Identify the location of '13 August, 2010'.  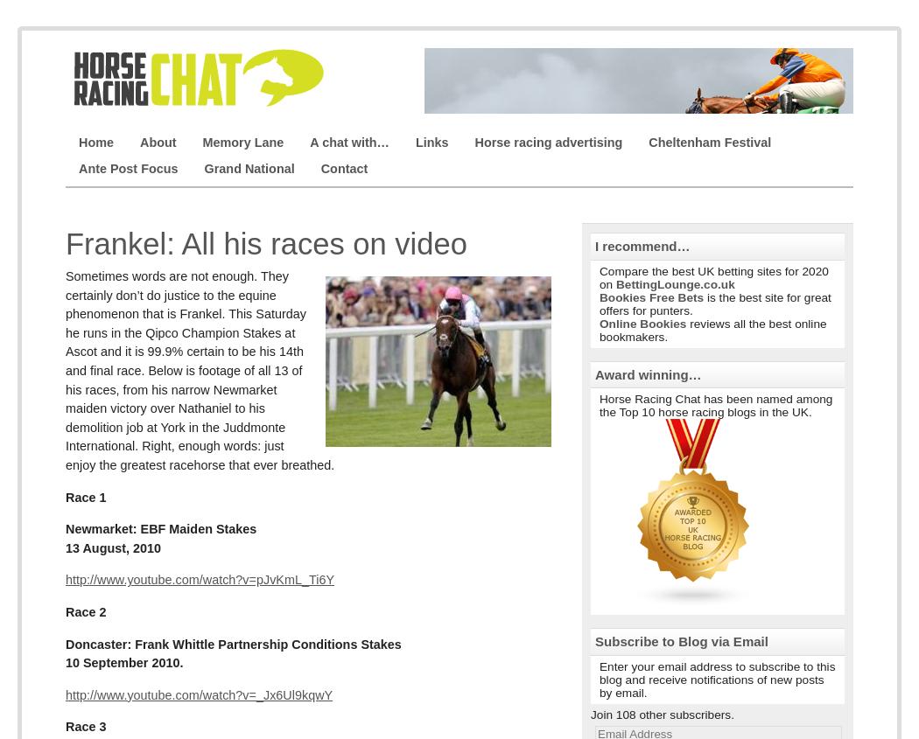
(64, 547).